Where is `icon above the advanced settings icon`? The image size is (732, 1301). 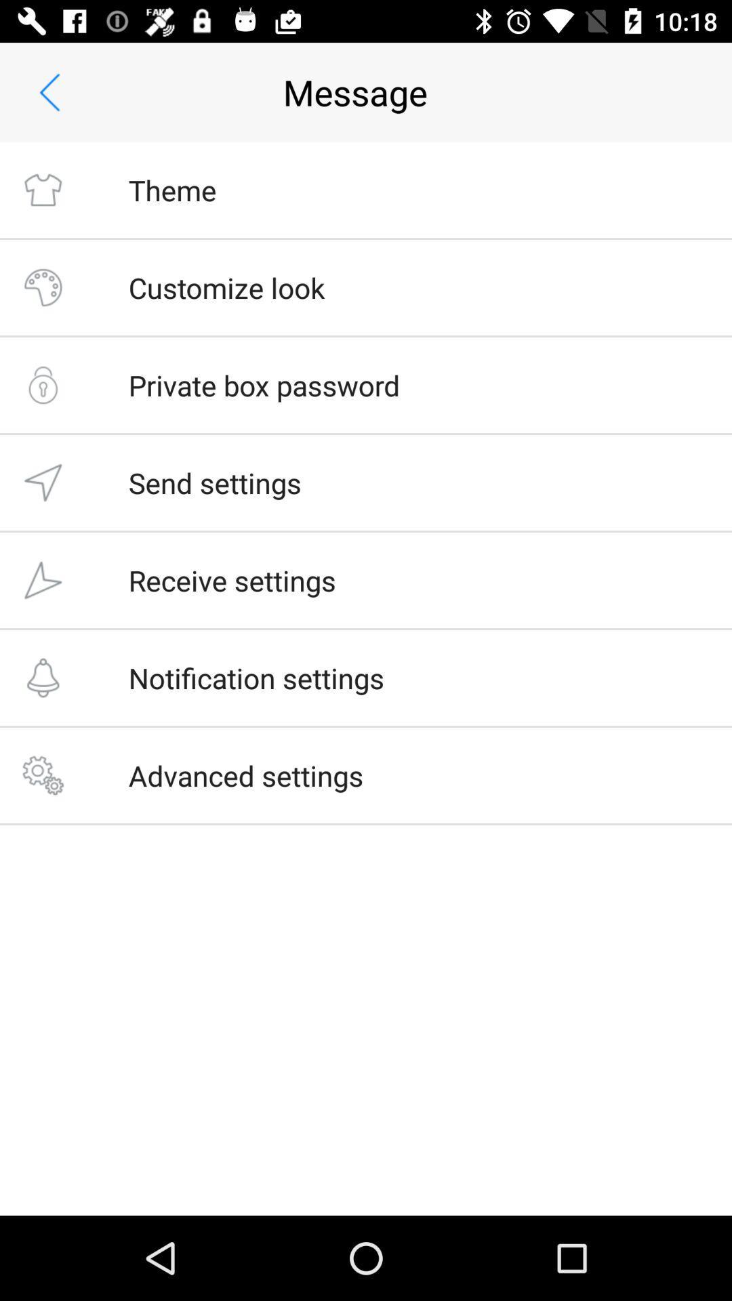 icon above the advanced settings icon is located at coordinates (256, 678).